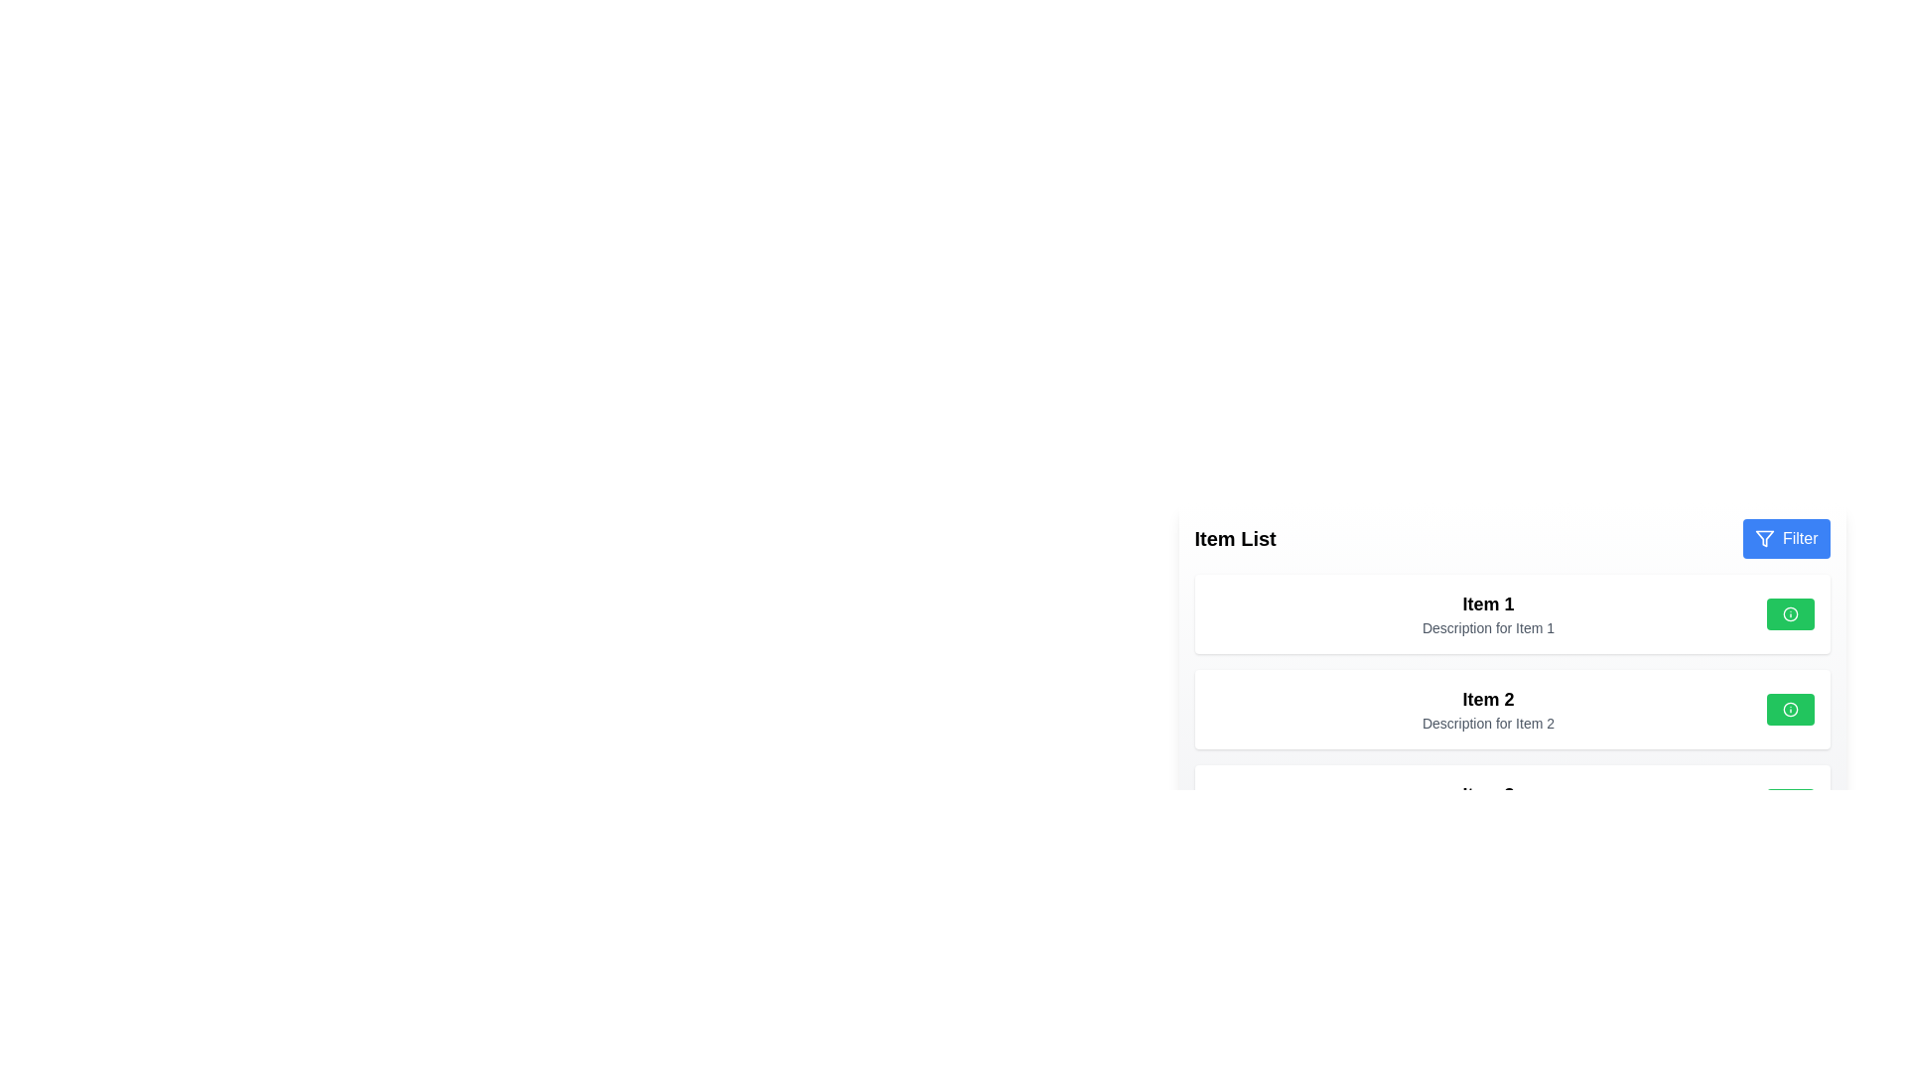  I want to click on the informational marker icon located within the right-aligned green button of the first item card at the top of the list, so click(1790, 612).